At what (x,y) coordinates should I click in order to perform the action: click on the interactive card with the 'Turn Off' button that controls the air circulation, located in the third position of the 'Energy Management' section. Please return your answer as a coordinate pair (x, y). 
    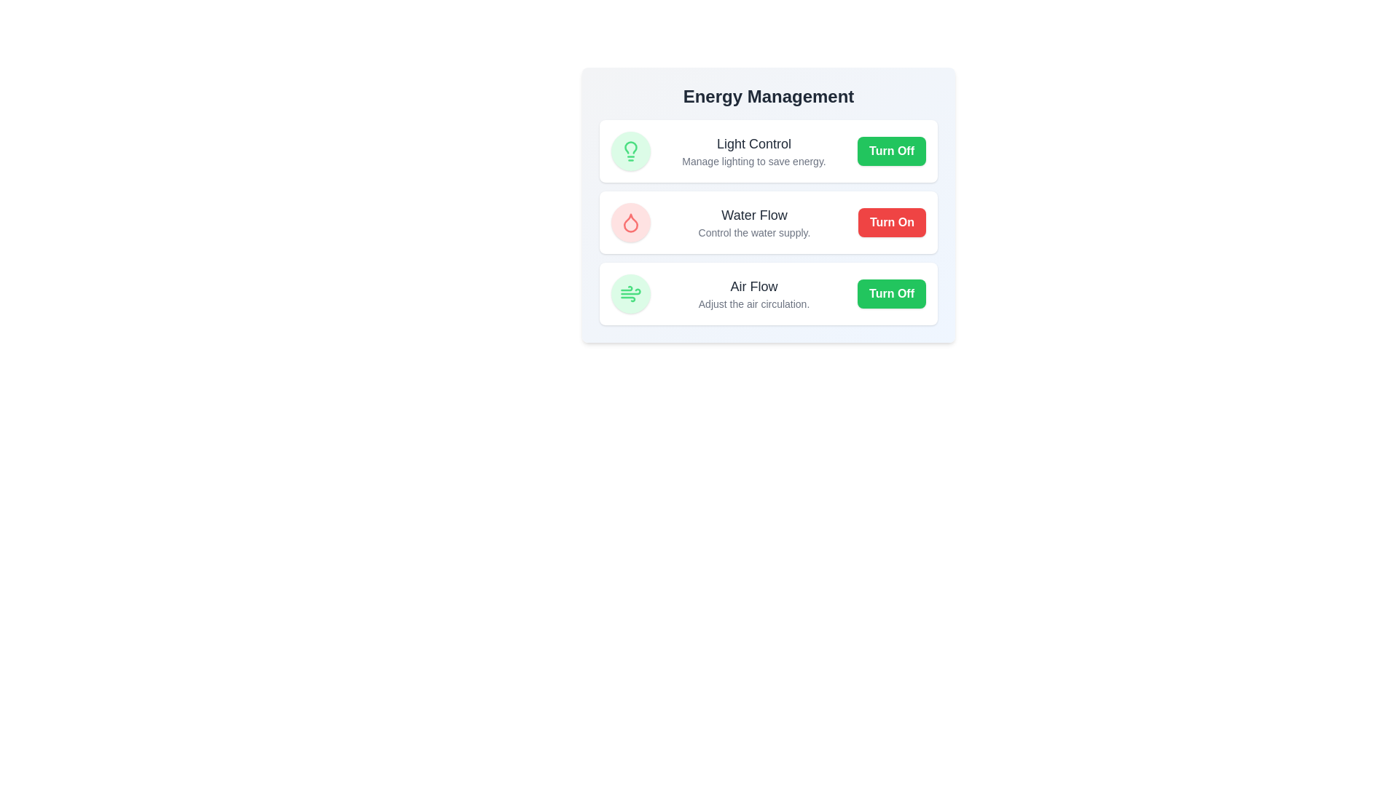
    Looking at the image, I should click on (768, 294).